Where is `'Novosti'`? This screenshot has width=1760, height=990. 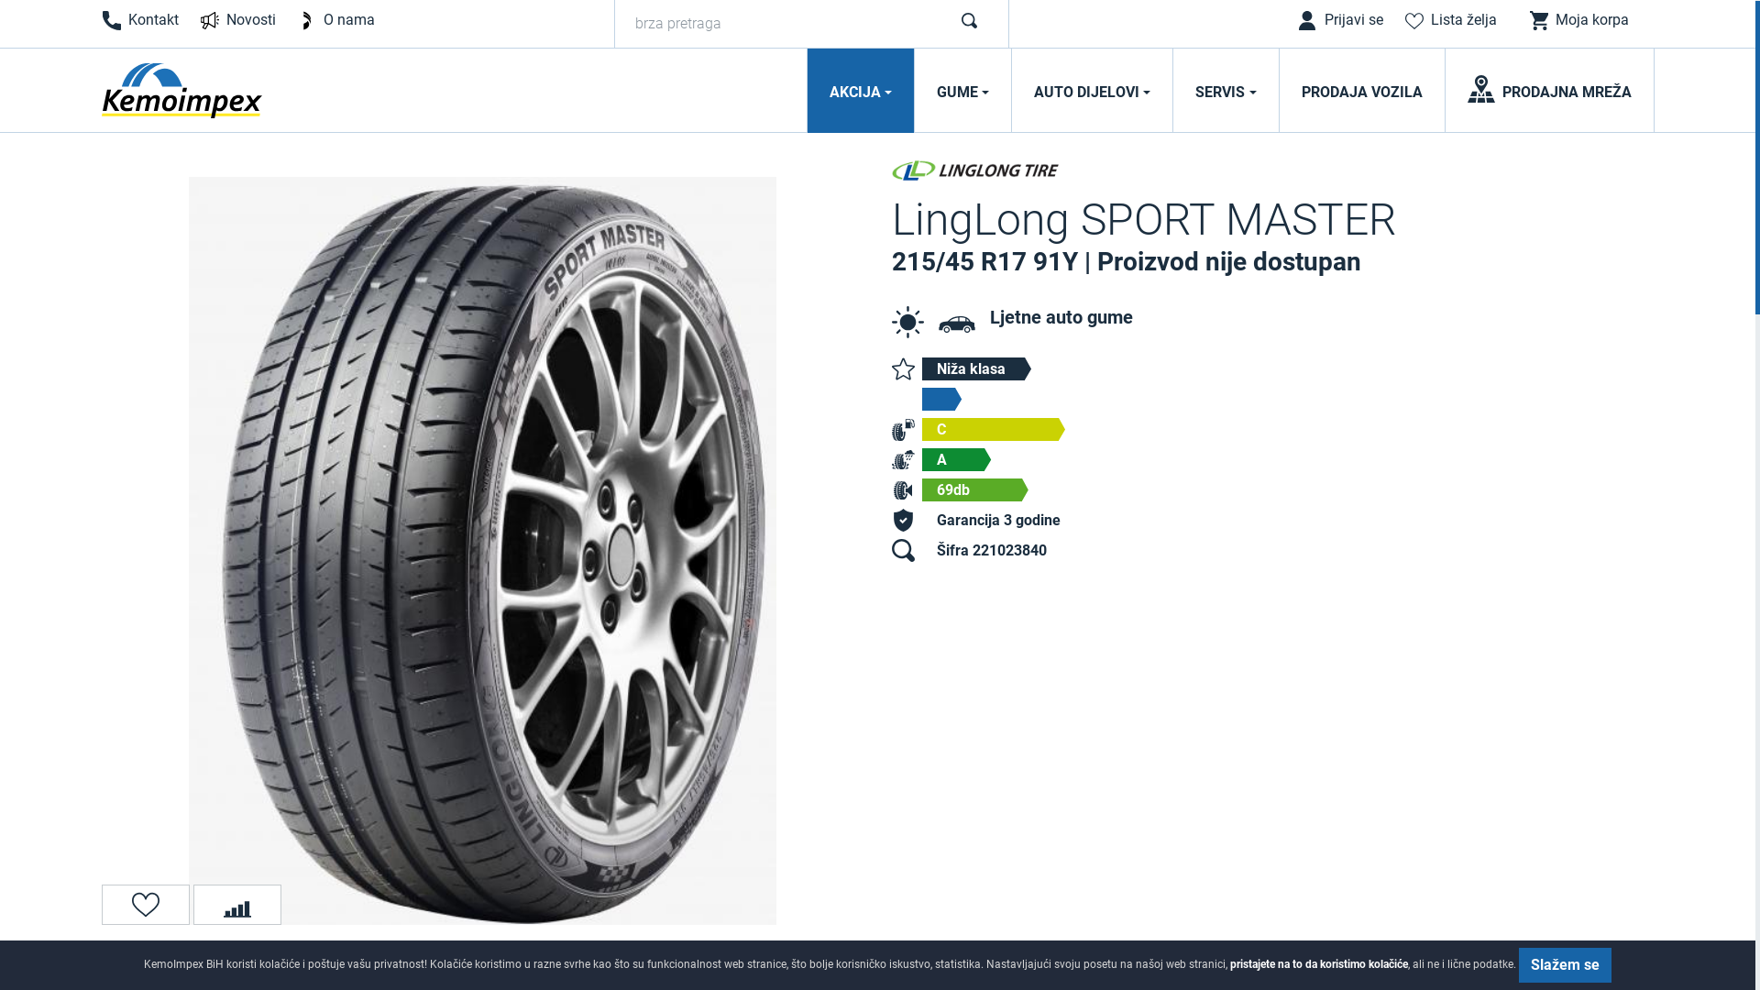
'Novosti' is located at coordinates (240, 25).